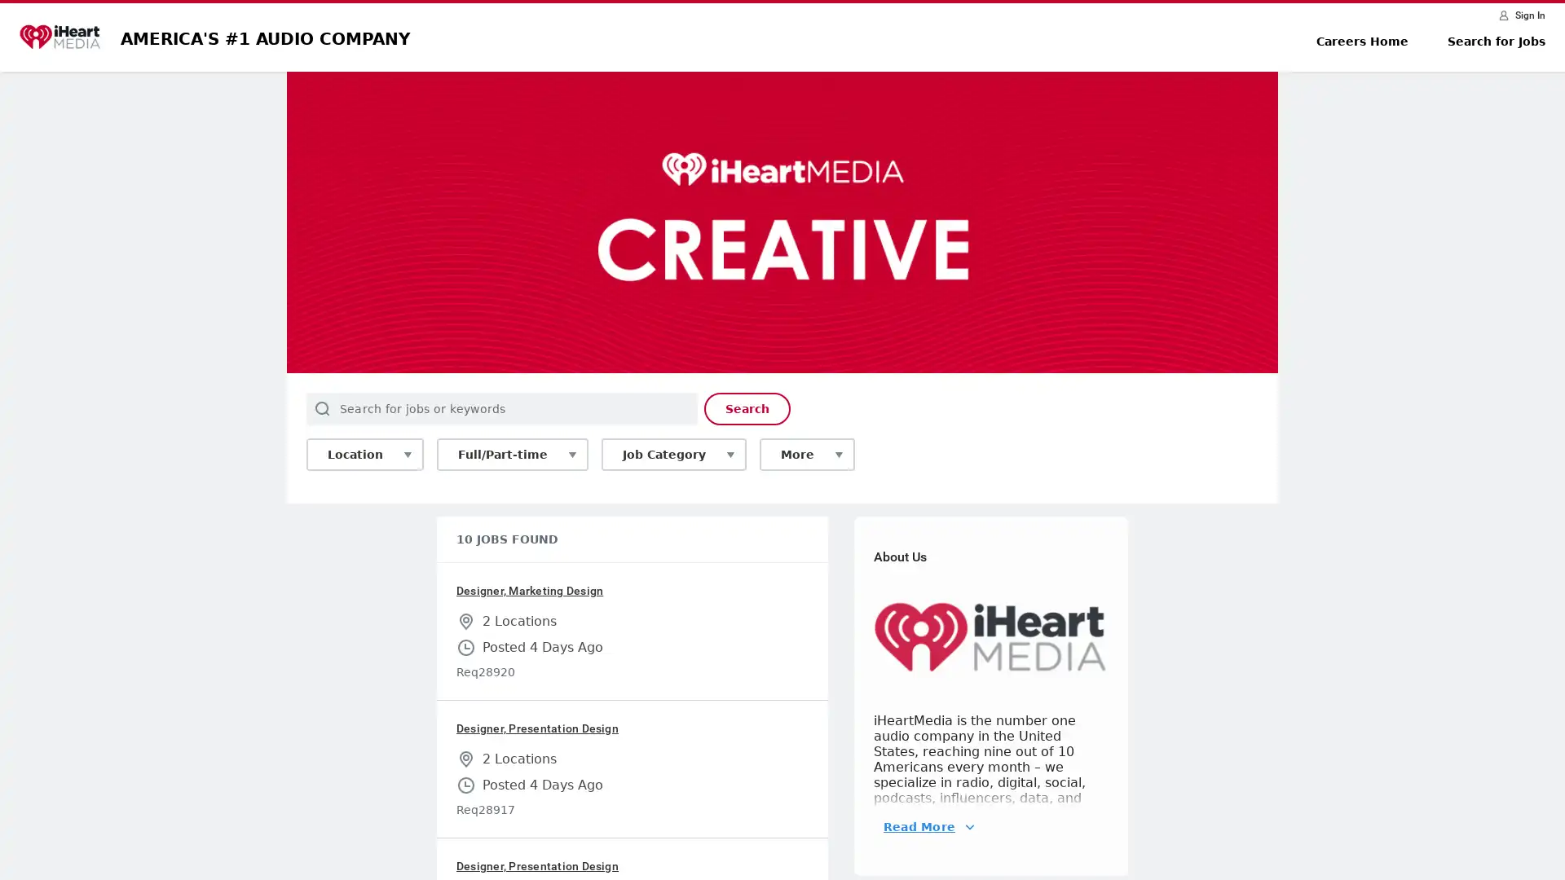  I want to click on Job Category, so click(640, 455).